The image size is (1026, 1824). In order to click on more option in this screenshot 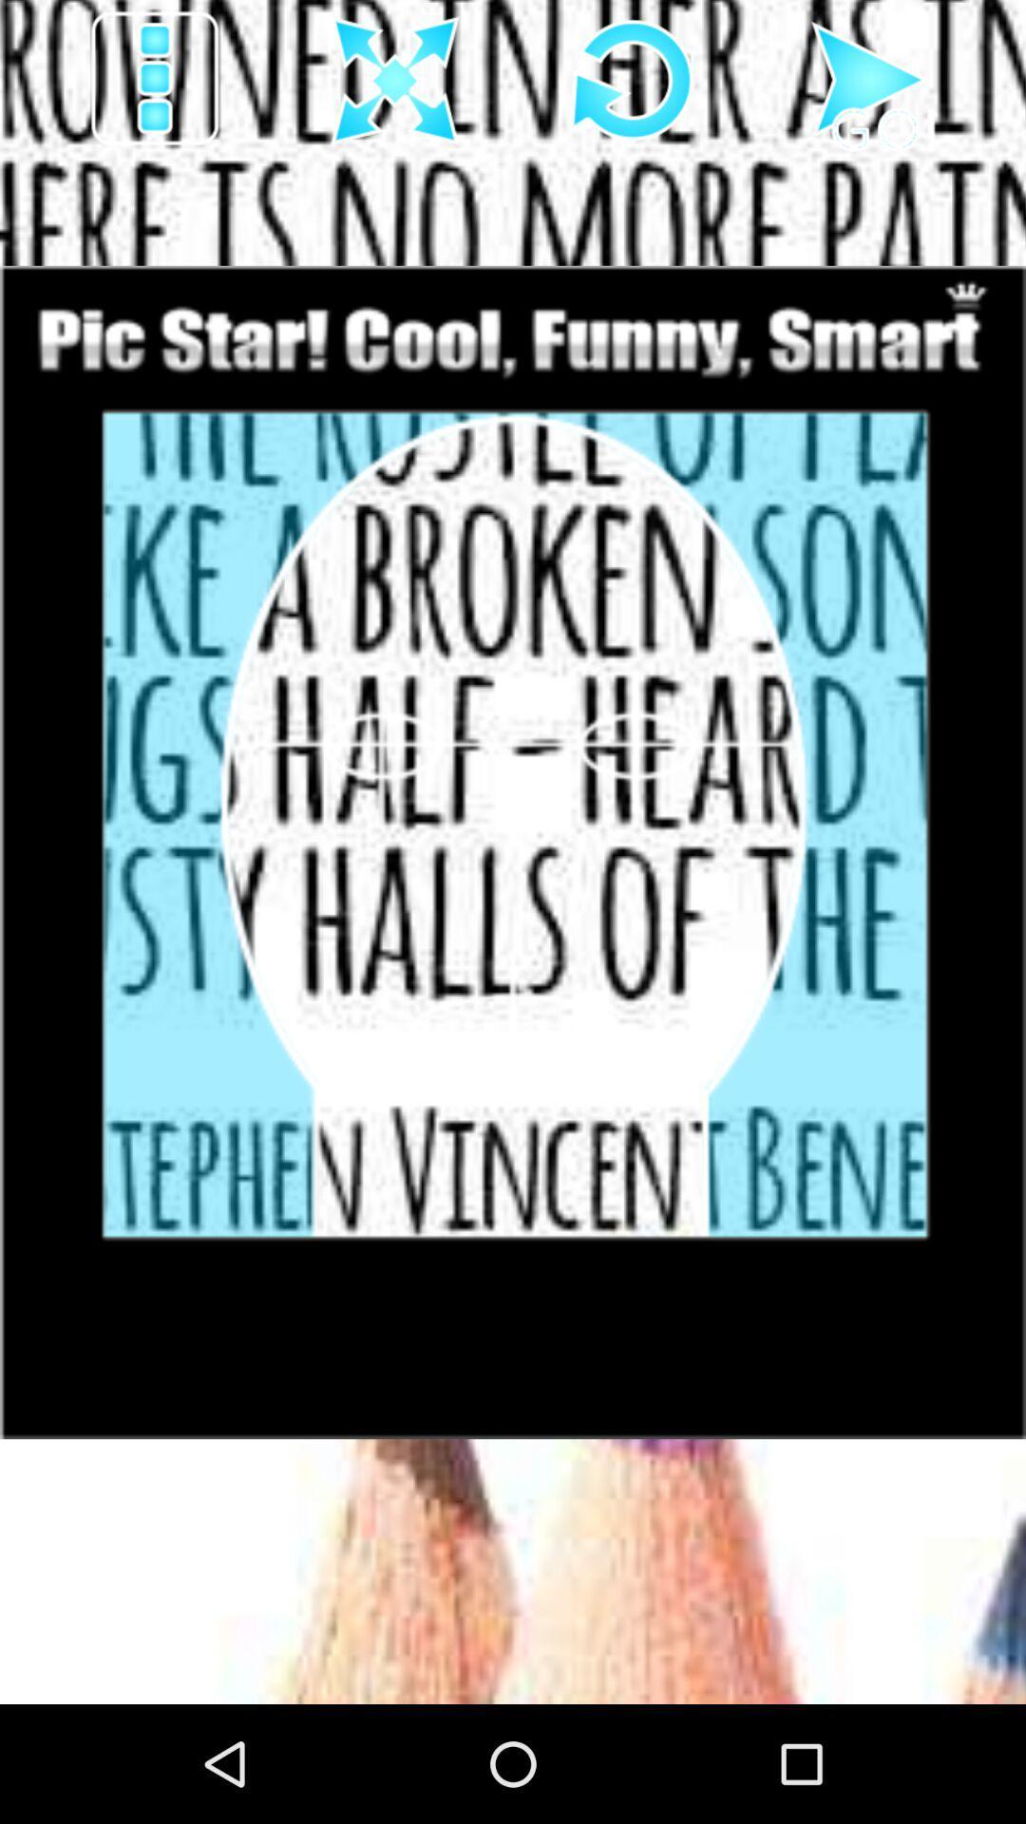, I will do `click(156, 80)`.